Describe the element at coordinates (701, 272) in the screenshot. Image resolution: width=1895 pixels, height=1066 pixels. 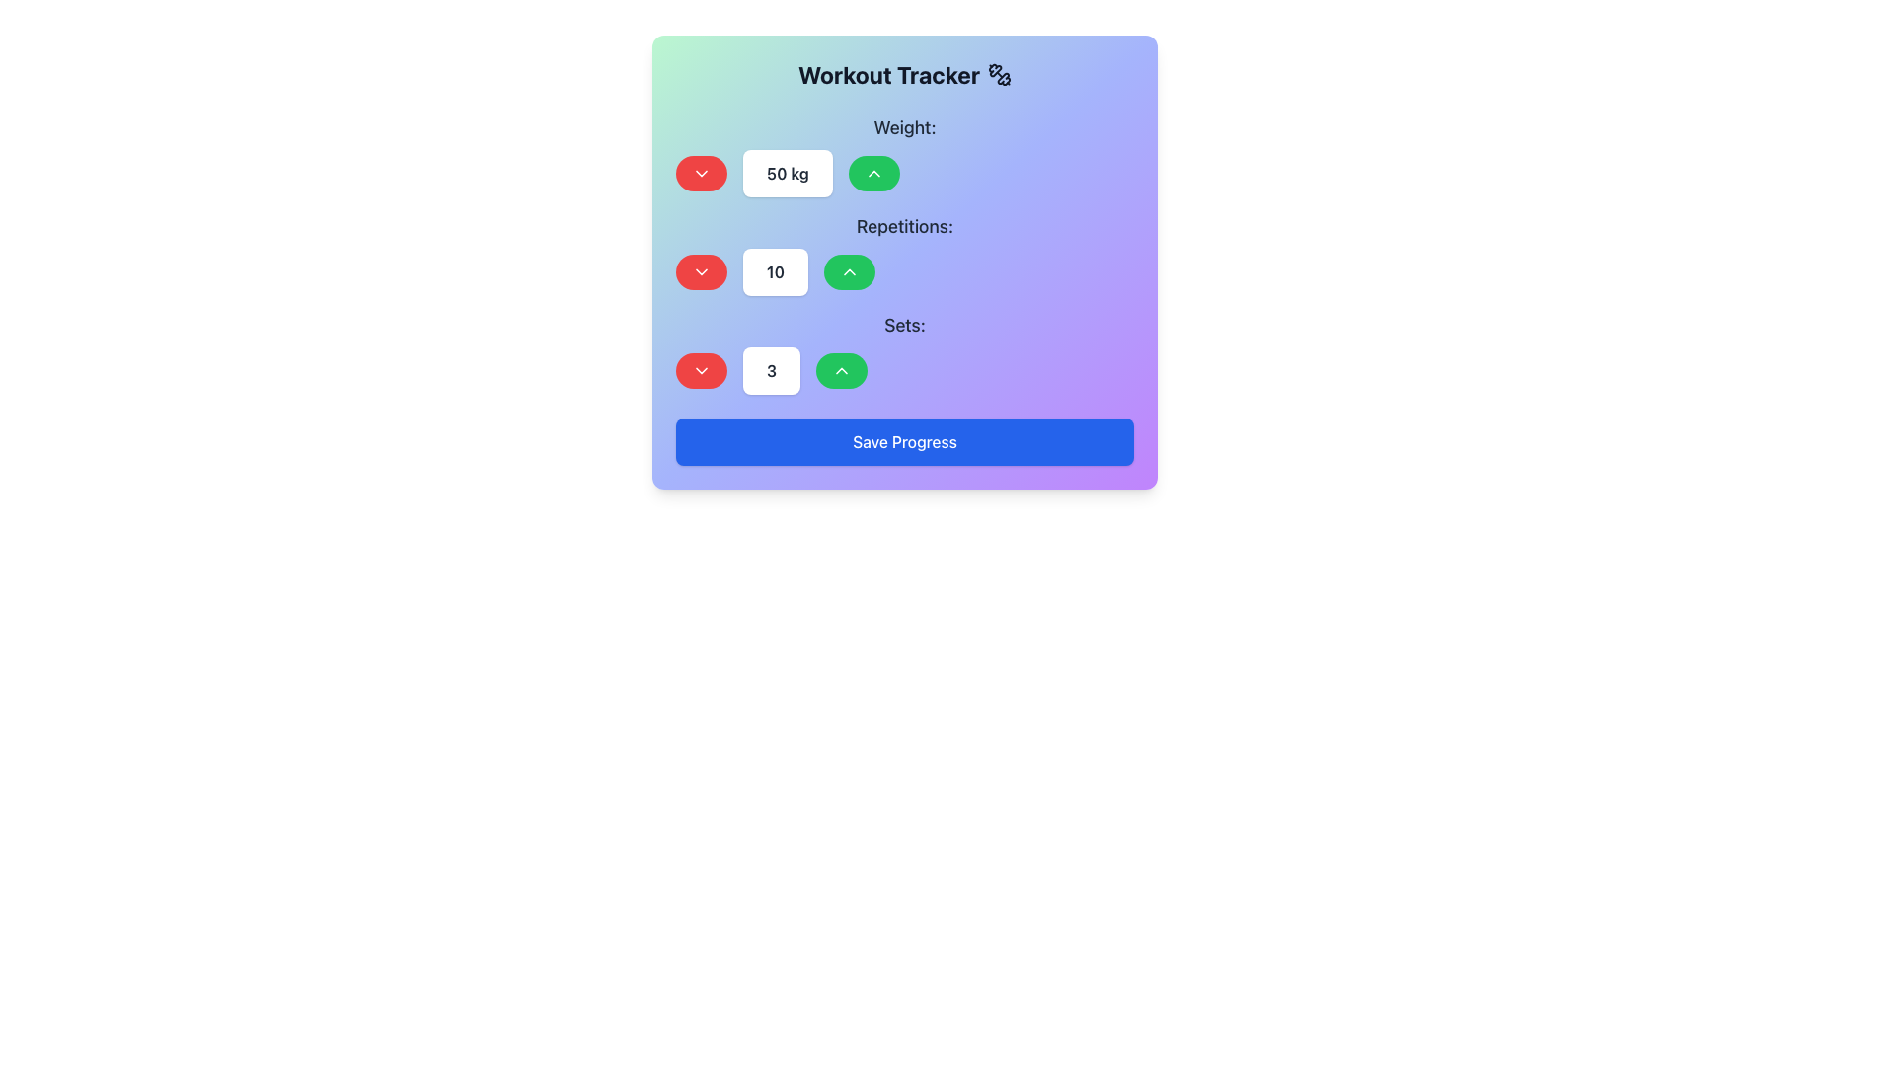
I see `the rounded rectangular button with a red background and white text, located under the 'Repetitions' label to decrement the repetitions` at that location.